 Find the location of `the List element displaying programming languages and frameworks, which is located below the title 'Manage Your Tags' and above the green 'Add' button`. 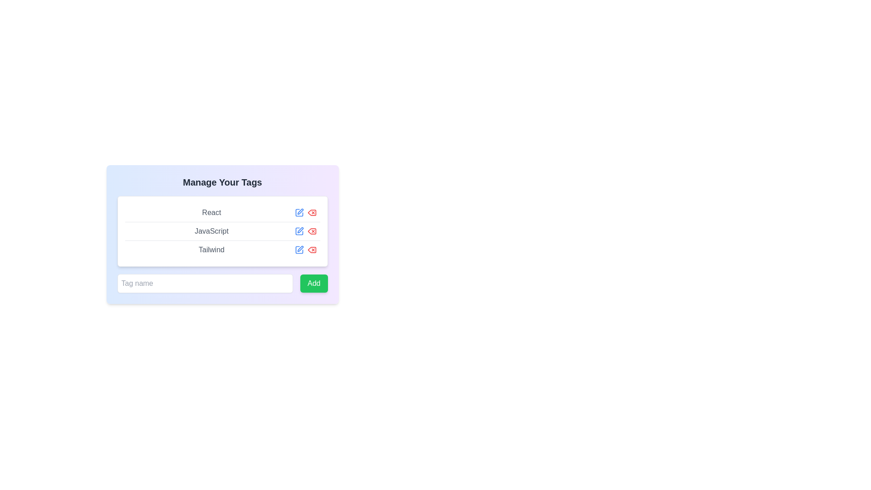

the List element displaying programming languages and frameworks, which is located below the title 'Manage Your Tags' and above the green 'Add' button is located at coordinates (222, 230).